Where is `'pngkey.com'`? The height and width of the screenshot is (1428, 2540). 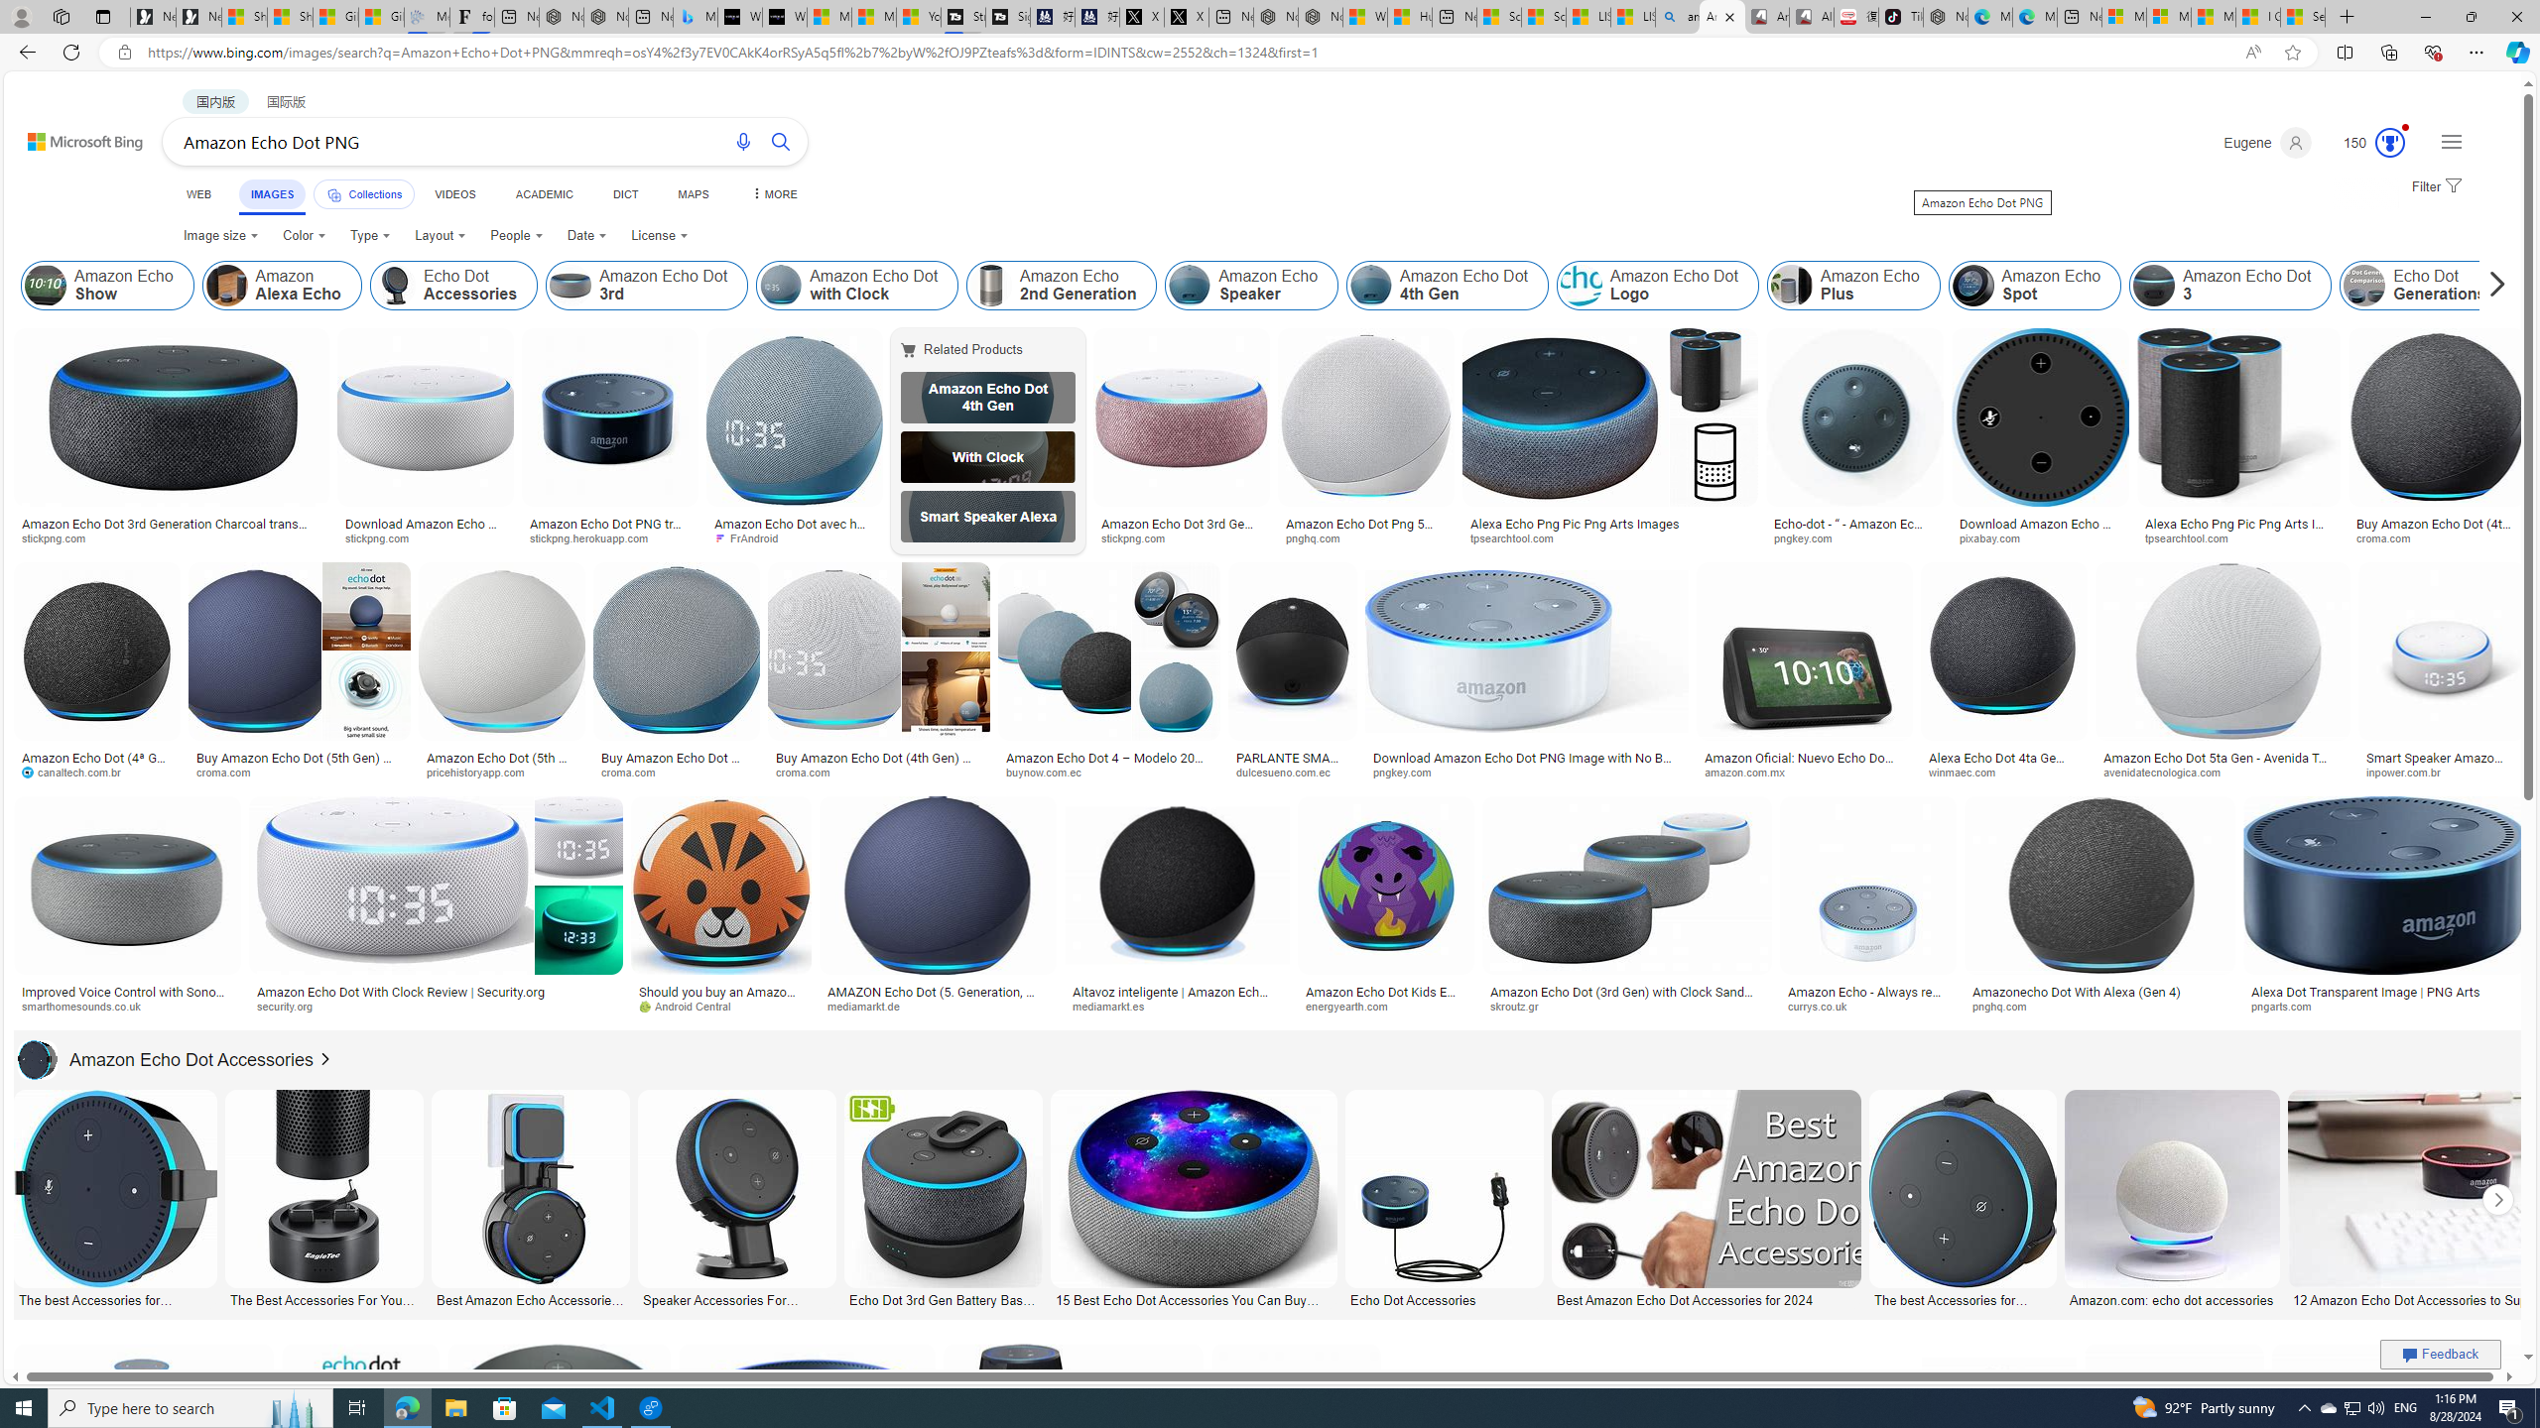
'pngkey.com' is located at coordinates (1408, 771).